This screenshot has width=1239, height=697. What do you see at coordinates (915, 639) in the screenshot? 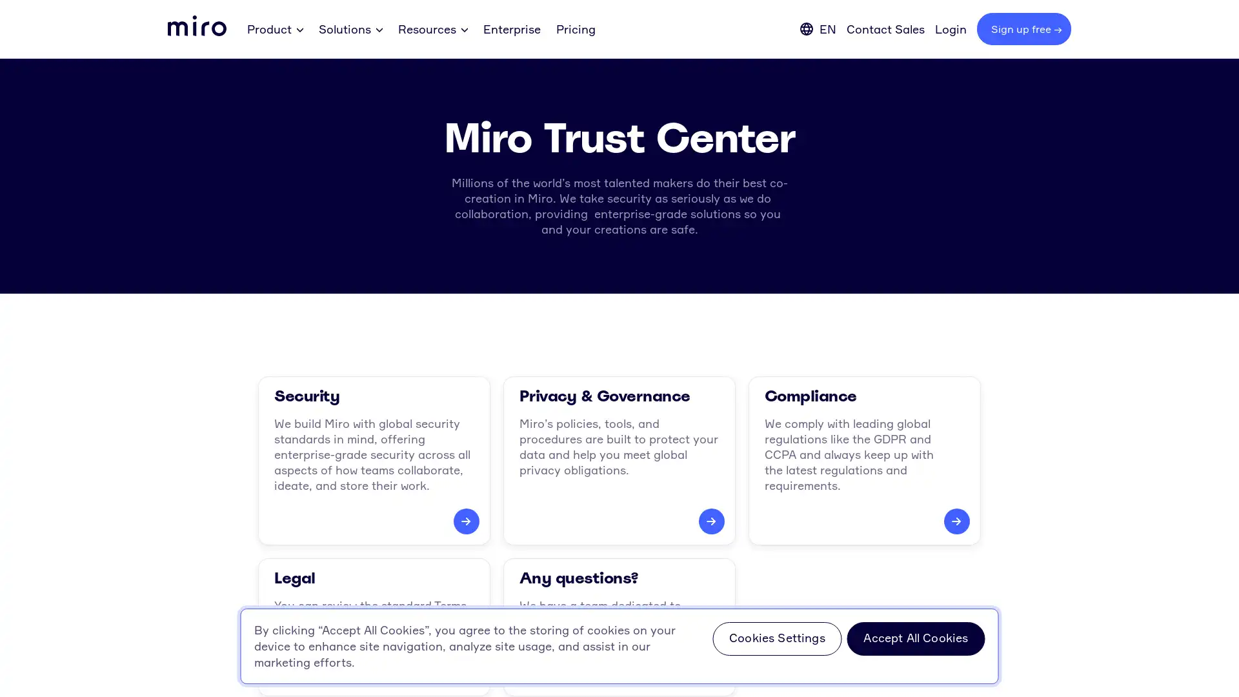
I see `Accept All Cookies` at bounding box center [915, 639].